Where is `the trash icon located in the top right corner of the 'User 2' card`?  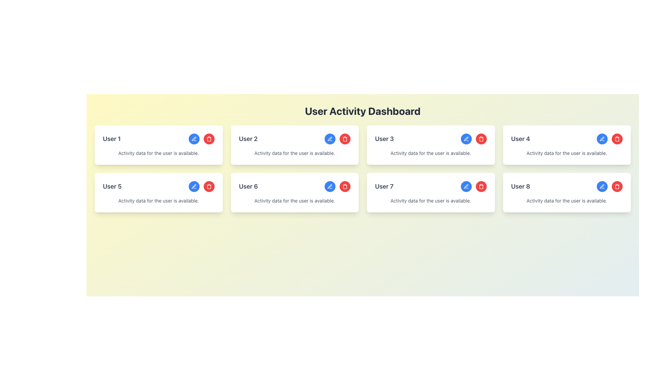
the trash icon located in the top right corner of the 'User 2' card is located at coordinates (345, 138).